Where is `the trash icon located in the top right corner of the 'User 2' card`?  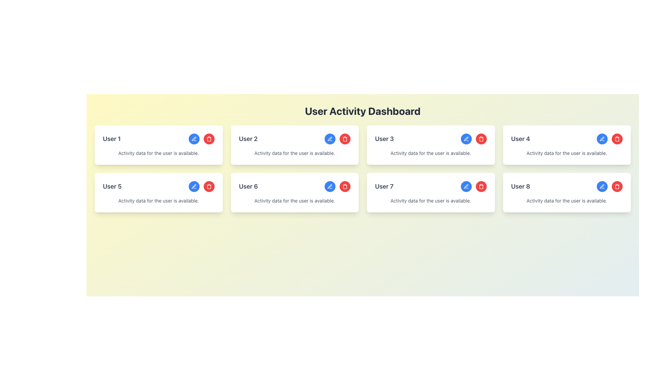
the trash icon located in the top right corner of the 'User 2' card is located at coordinates (345, 138).